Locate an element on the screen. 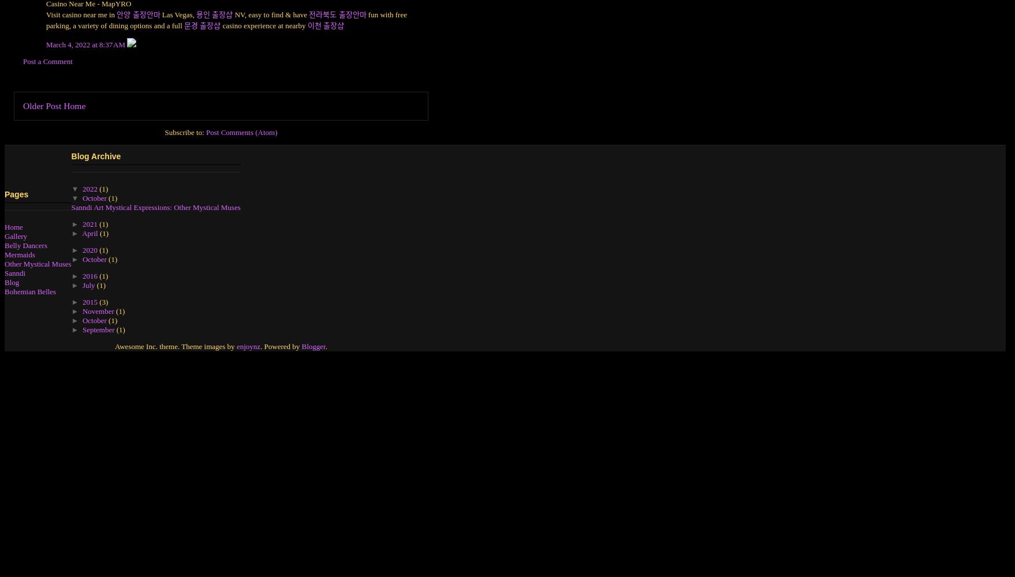 The width and height of the screenshot is (1015, 577). '2020' is located at coordinates (82, 249).